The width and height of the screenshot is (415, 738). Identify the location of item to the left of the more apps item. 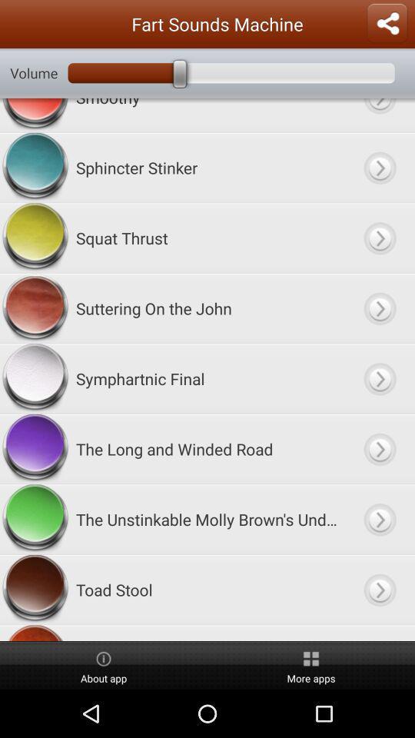
(104, 665).